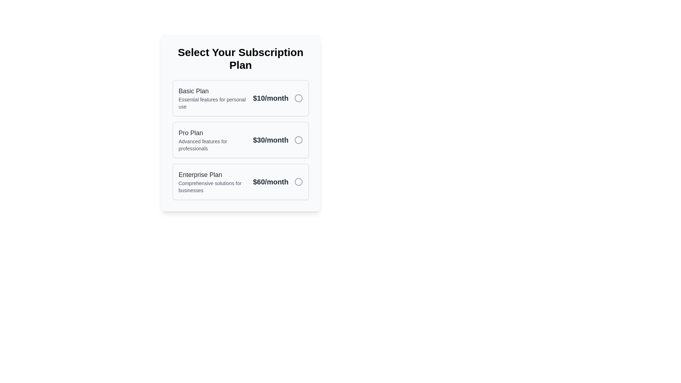 This screenshot has width=681, height=383. Describe the element at coordinates (270, 182) in the screenshot. I see `the static text label displaying the price '$60/month' in bold, located within the 'Enterprise Plan' box, positioned to the right of the description text and before the radio button` at that location.